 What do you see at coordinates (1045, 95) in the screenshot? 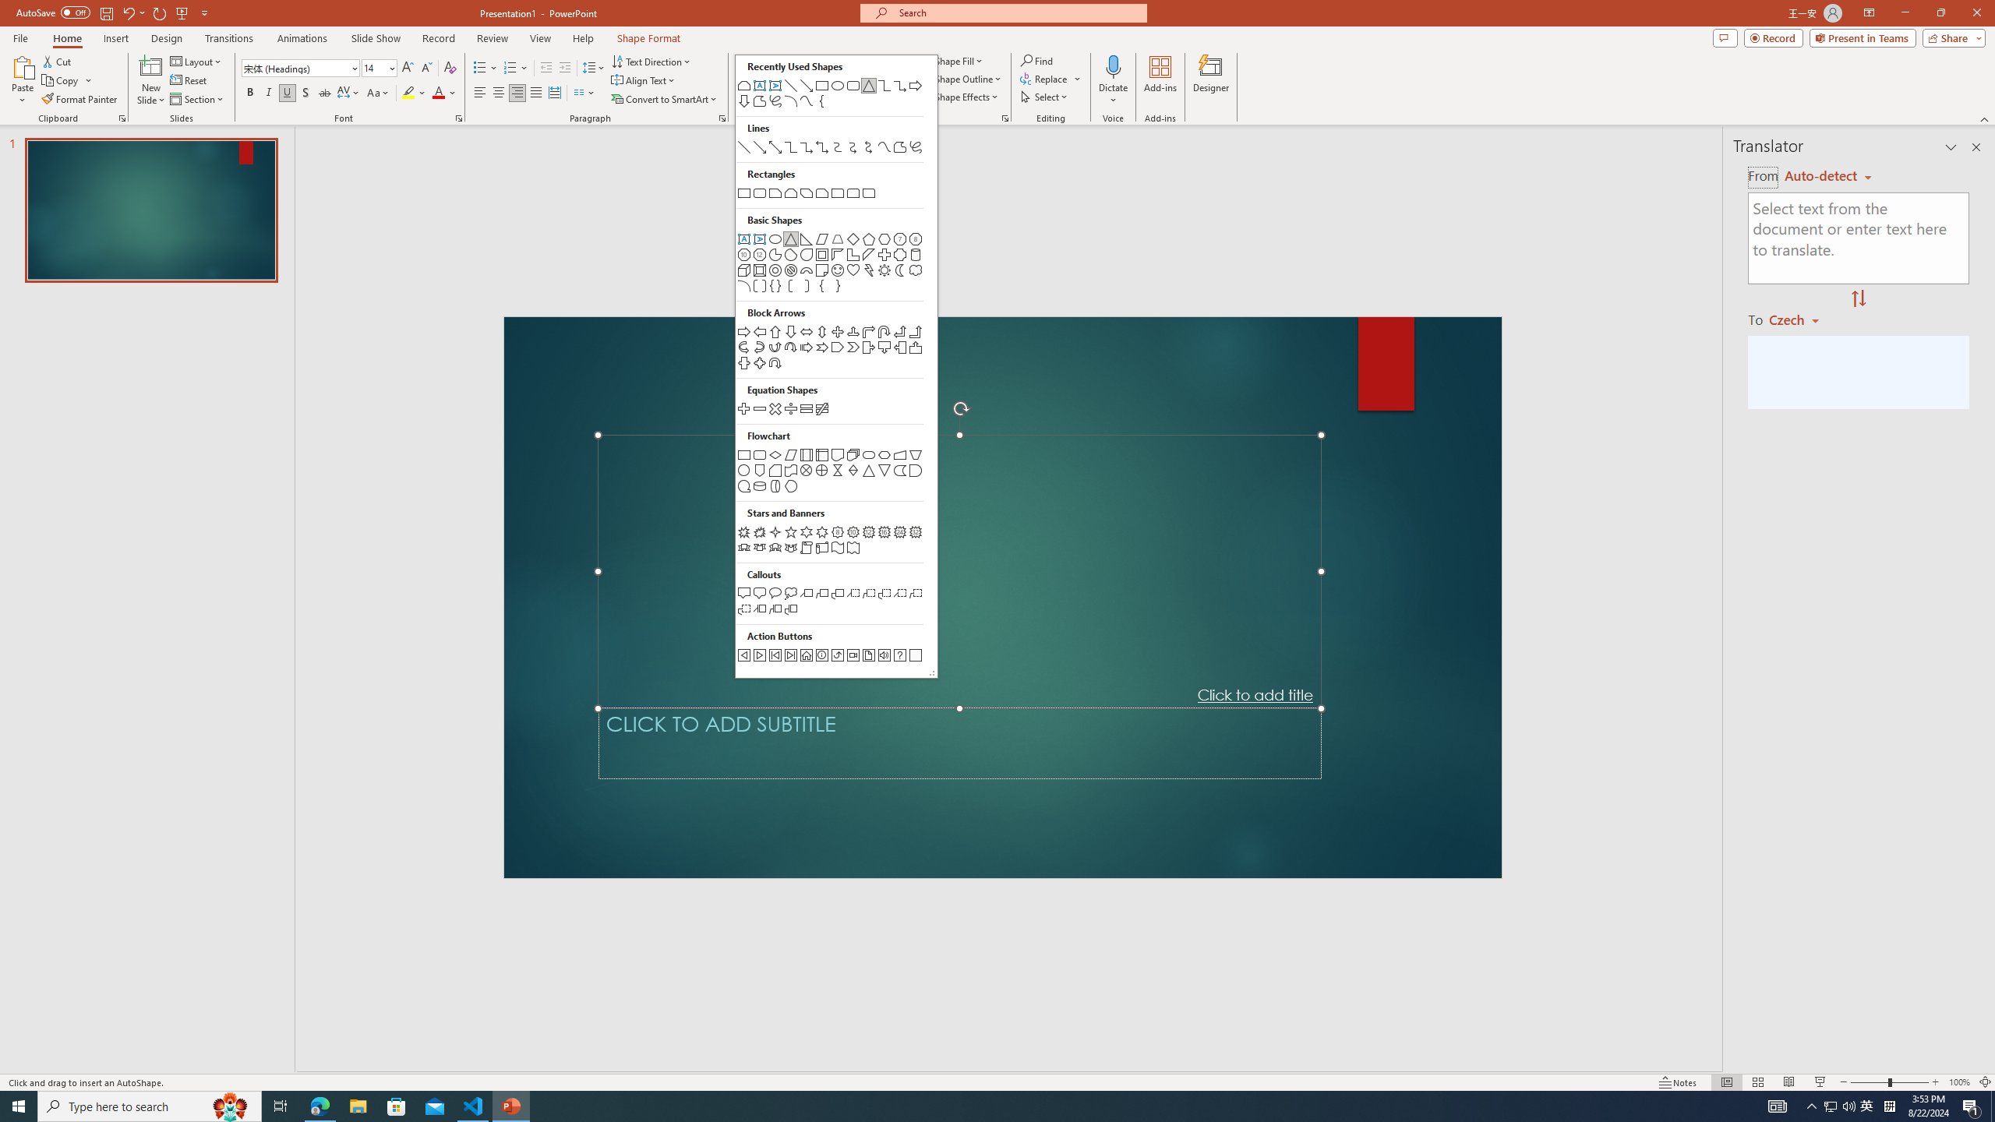
I see `'Select'` at bounding box center [1045, 95].